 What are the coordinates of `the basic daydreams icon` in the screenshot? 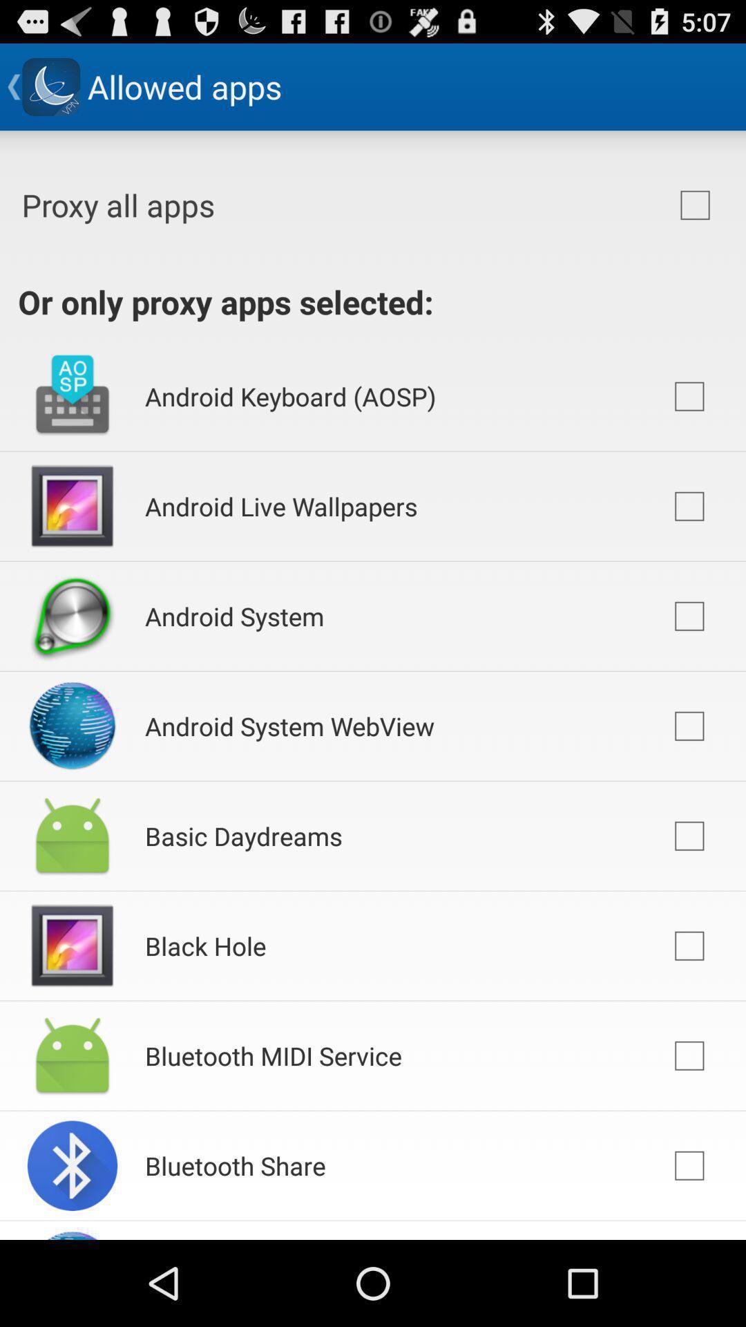 It's located at (242, 835).